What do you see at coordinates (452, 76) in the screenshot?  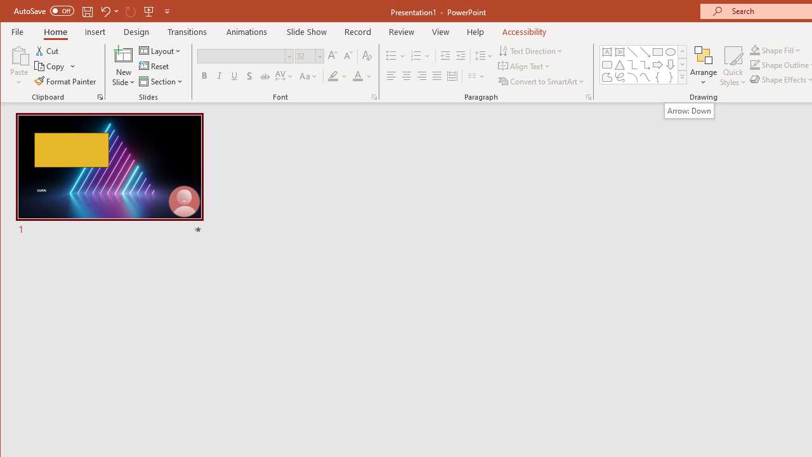 I see `'Distributed'` at bounding box center [452, 76].